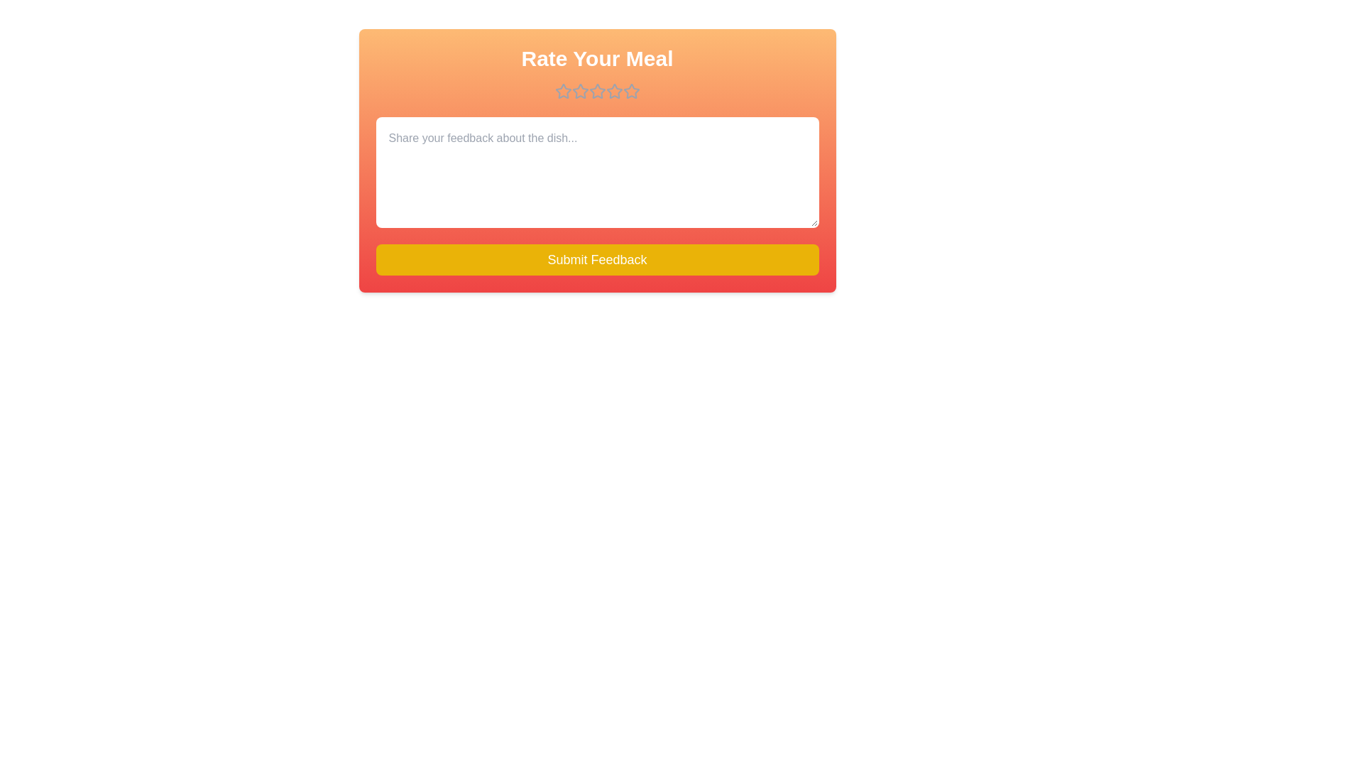 The image size is (1363, 767). I want to click on the star corresponding to 1 to preview the rating, so click(562, 91).